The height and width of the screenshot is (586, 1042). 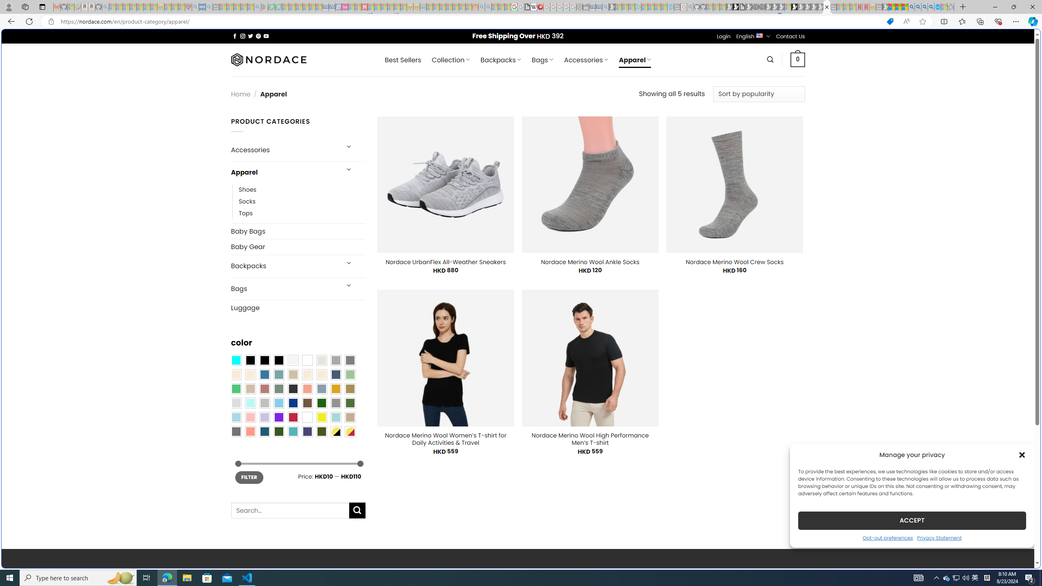 What do you see at coordinates (345, 7) in the screenshot?
I see `'Jobs - lastminute.com Investor Portal - Sleeping'` at bounding box center [345, 7].